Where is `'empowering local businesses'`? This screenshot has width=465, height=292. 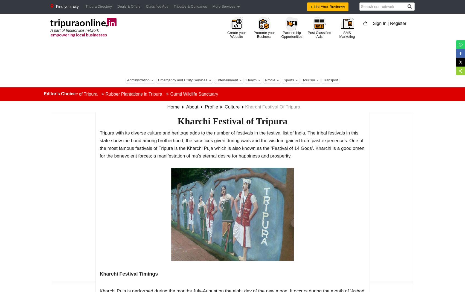 'empowering local businesses' is located at coordinates (78, 34).